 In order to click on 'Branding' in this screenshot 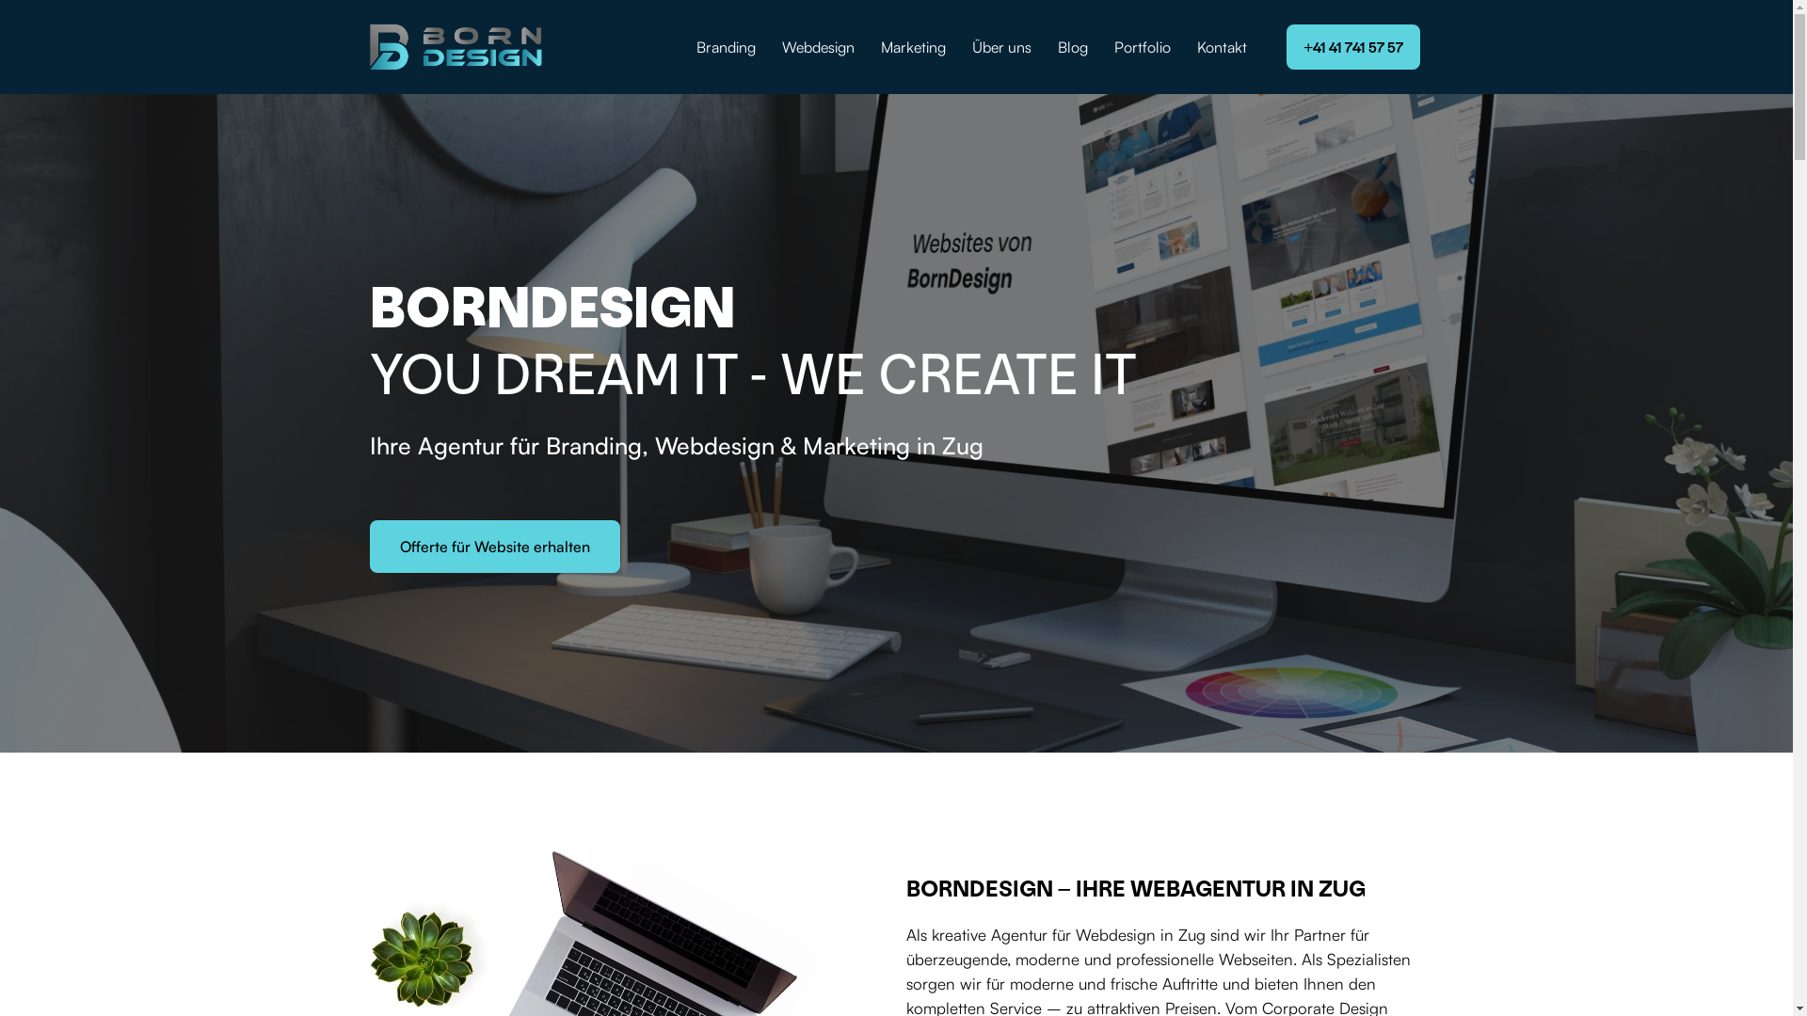, I will do `click(725, 46)`.